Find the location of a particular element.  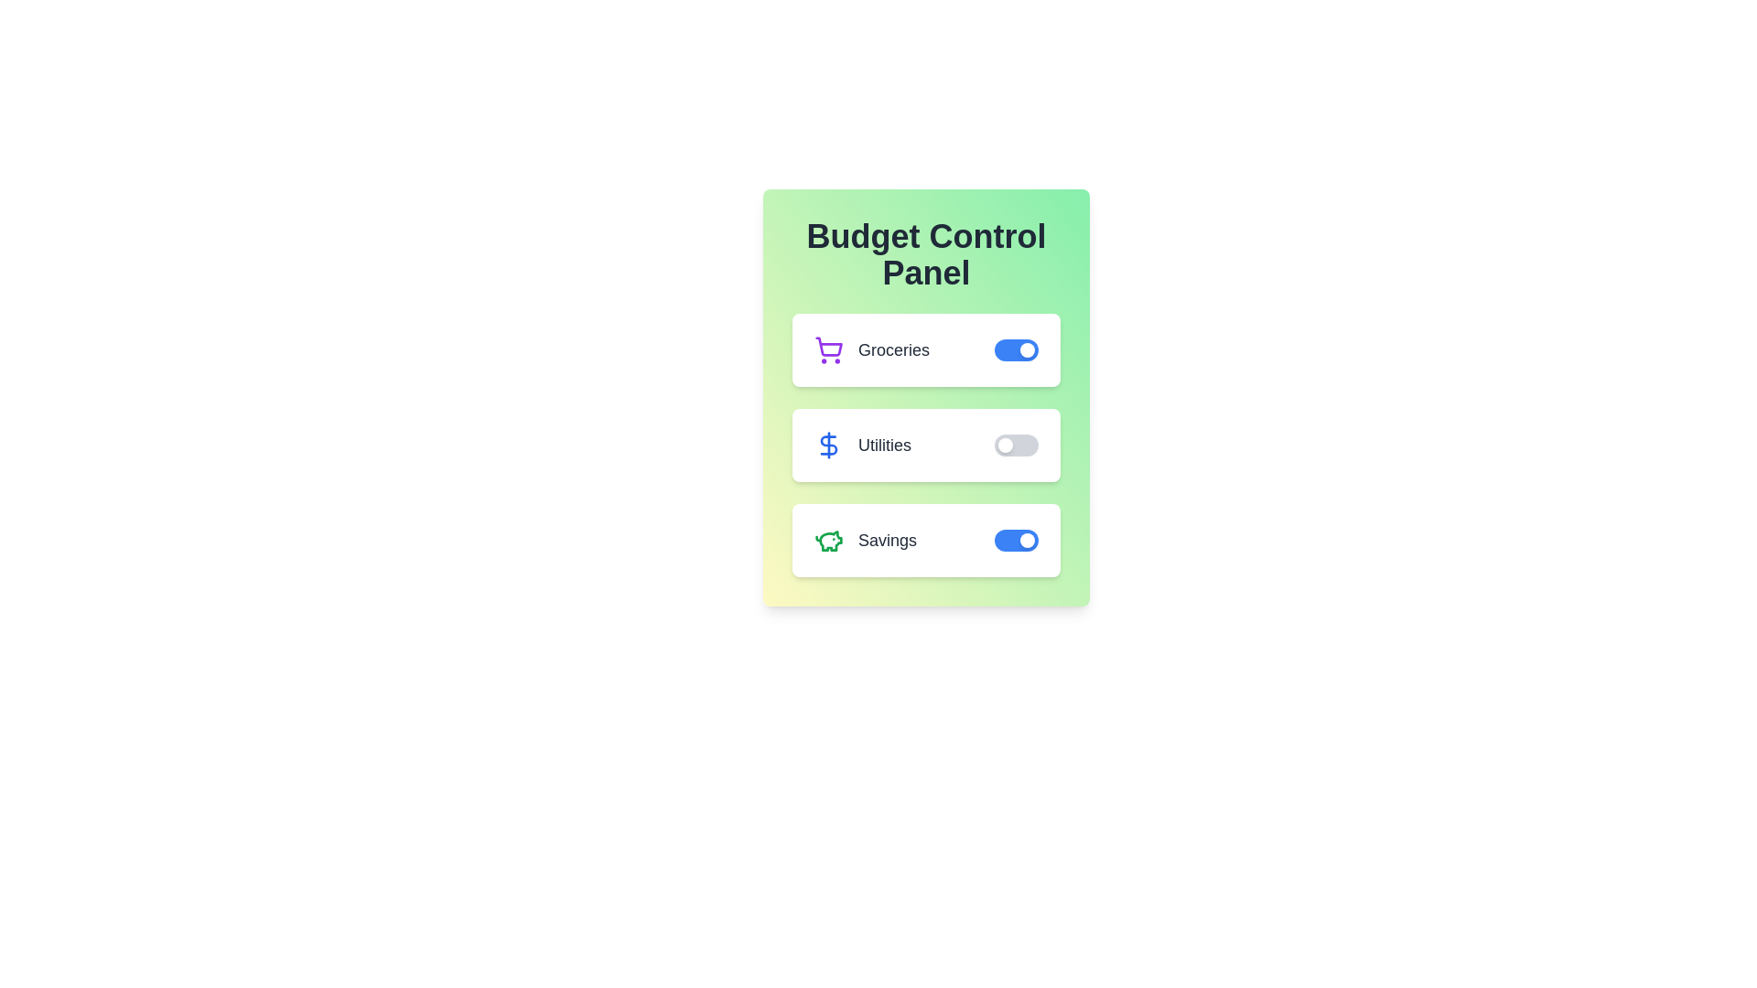

the Groceries section to observe its hover effect is located at coordinates (926, 349).